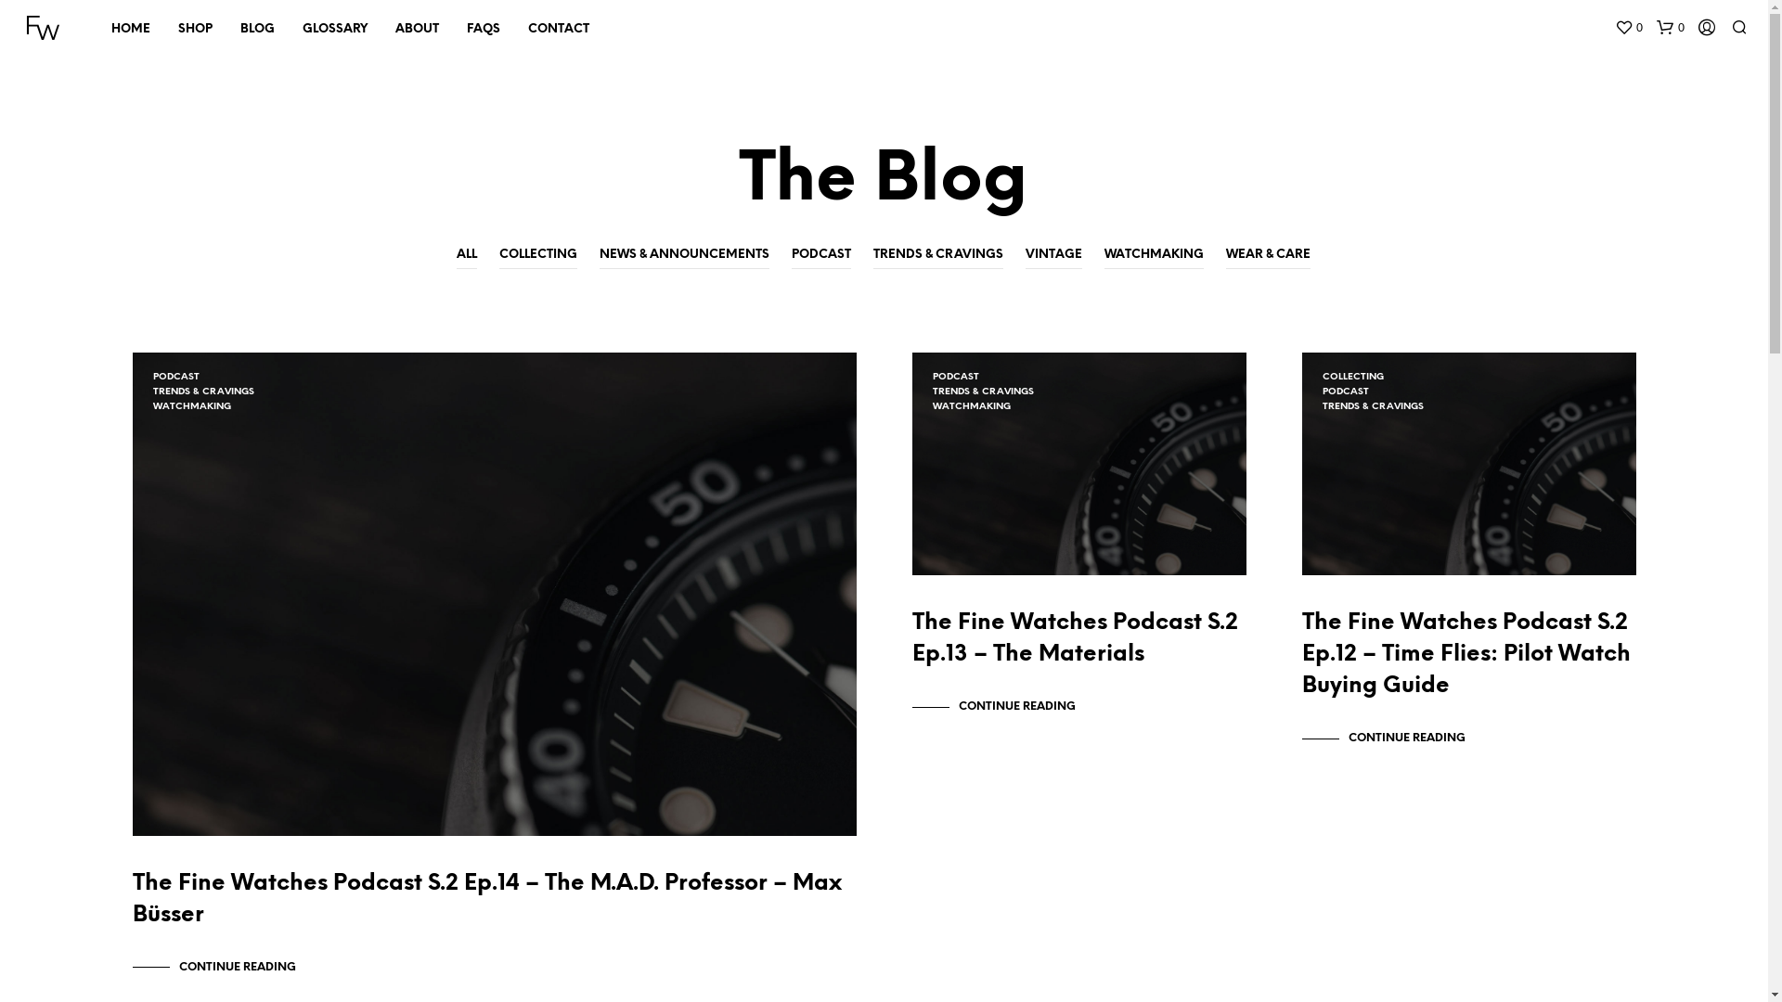  What do you see at coordinates (416, 29) in the screenshot?
I see `'ABOUT'` at bounding box center [416, 29].